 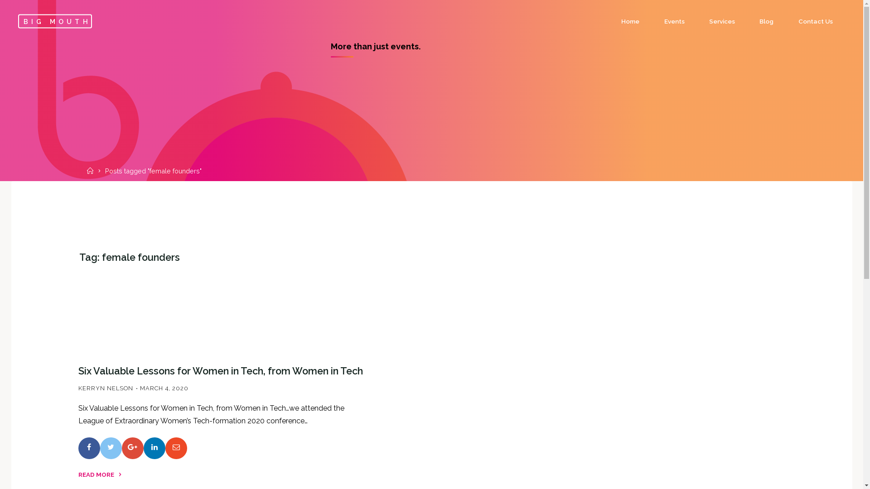 I want to click on 'Blog', so click(x=766, y=21).